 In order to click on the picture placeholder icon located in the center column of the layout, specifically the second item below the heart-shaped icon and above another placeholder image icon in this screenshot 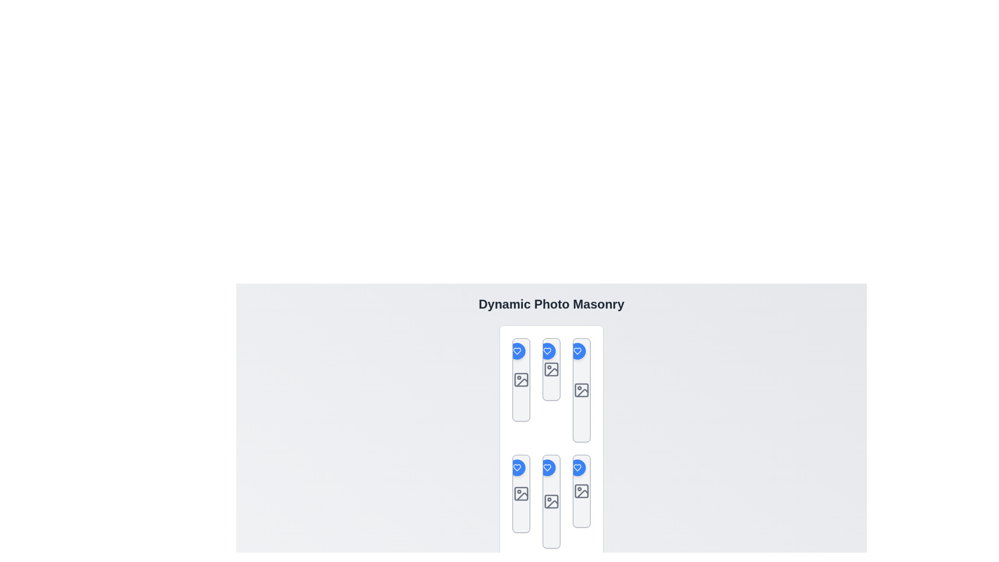, I will do `click(521, 379)`.